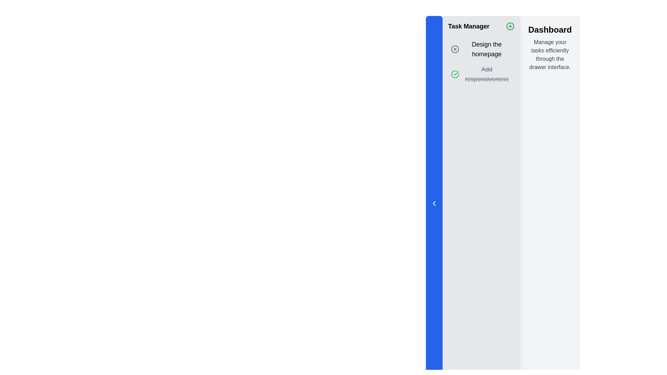 The image size is (667, 375). What do you see at coordinates (486, 74) in the screenshot?
I see `the Strikethrough text label indicating a completed or deactivated task within the Task Manager section, specifically the second task below 'Design the homepage'` at bounding box center [486, 74].